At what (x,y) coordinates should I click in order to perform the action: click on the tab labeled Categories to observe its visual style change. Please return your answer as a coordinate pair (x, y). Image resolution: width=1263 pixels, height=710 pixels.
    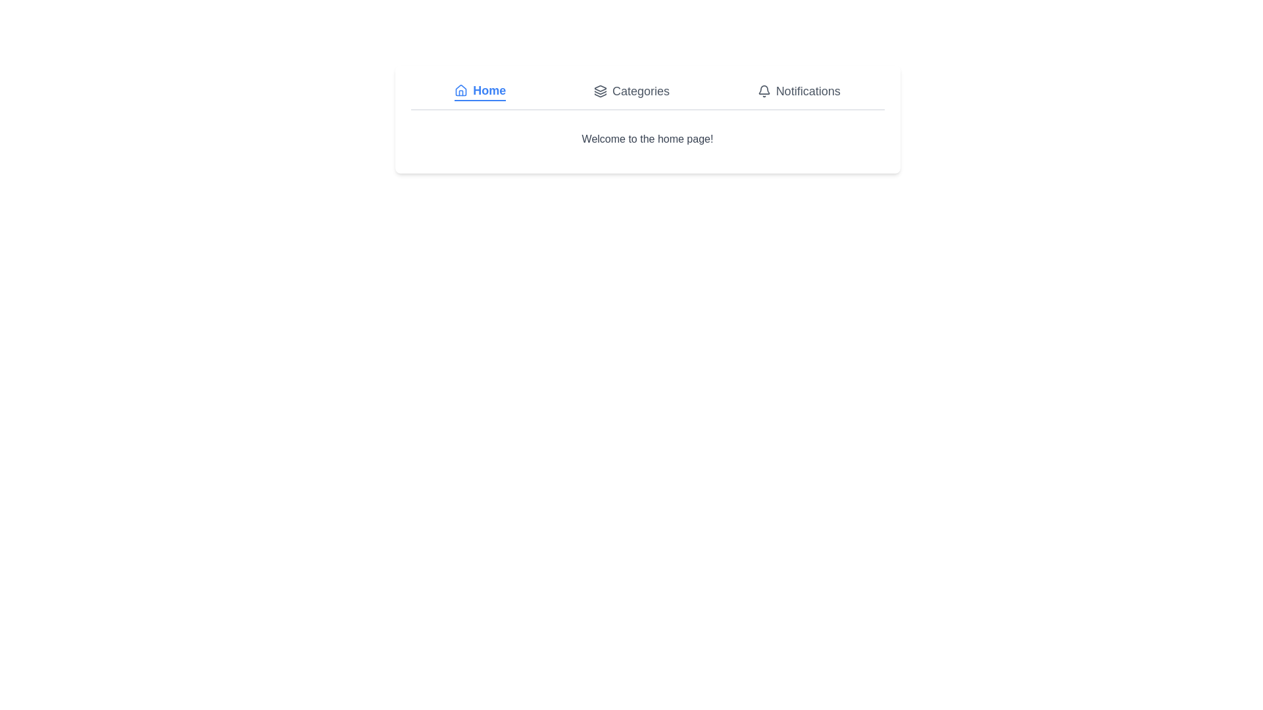
    Looking at the image, I should click on (631, 90).